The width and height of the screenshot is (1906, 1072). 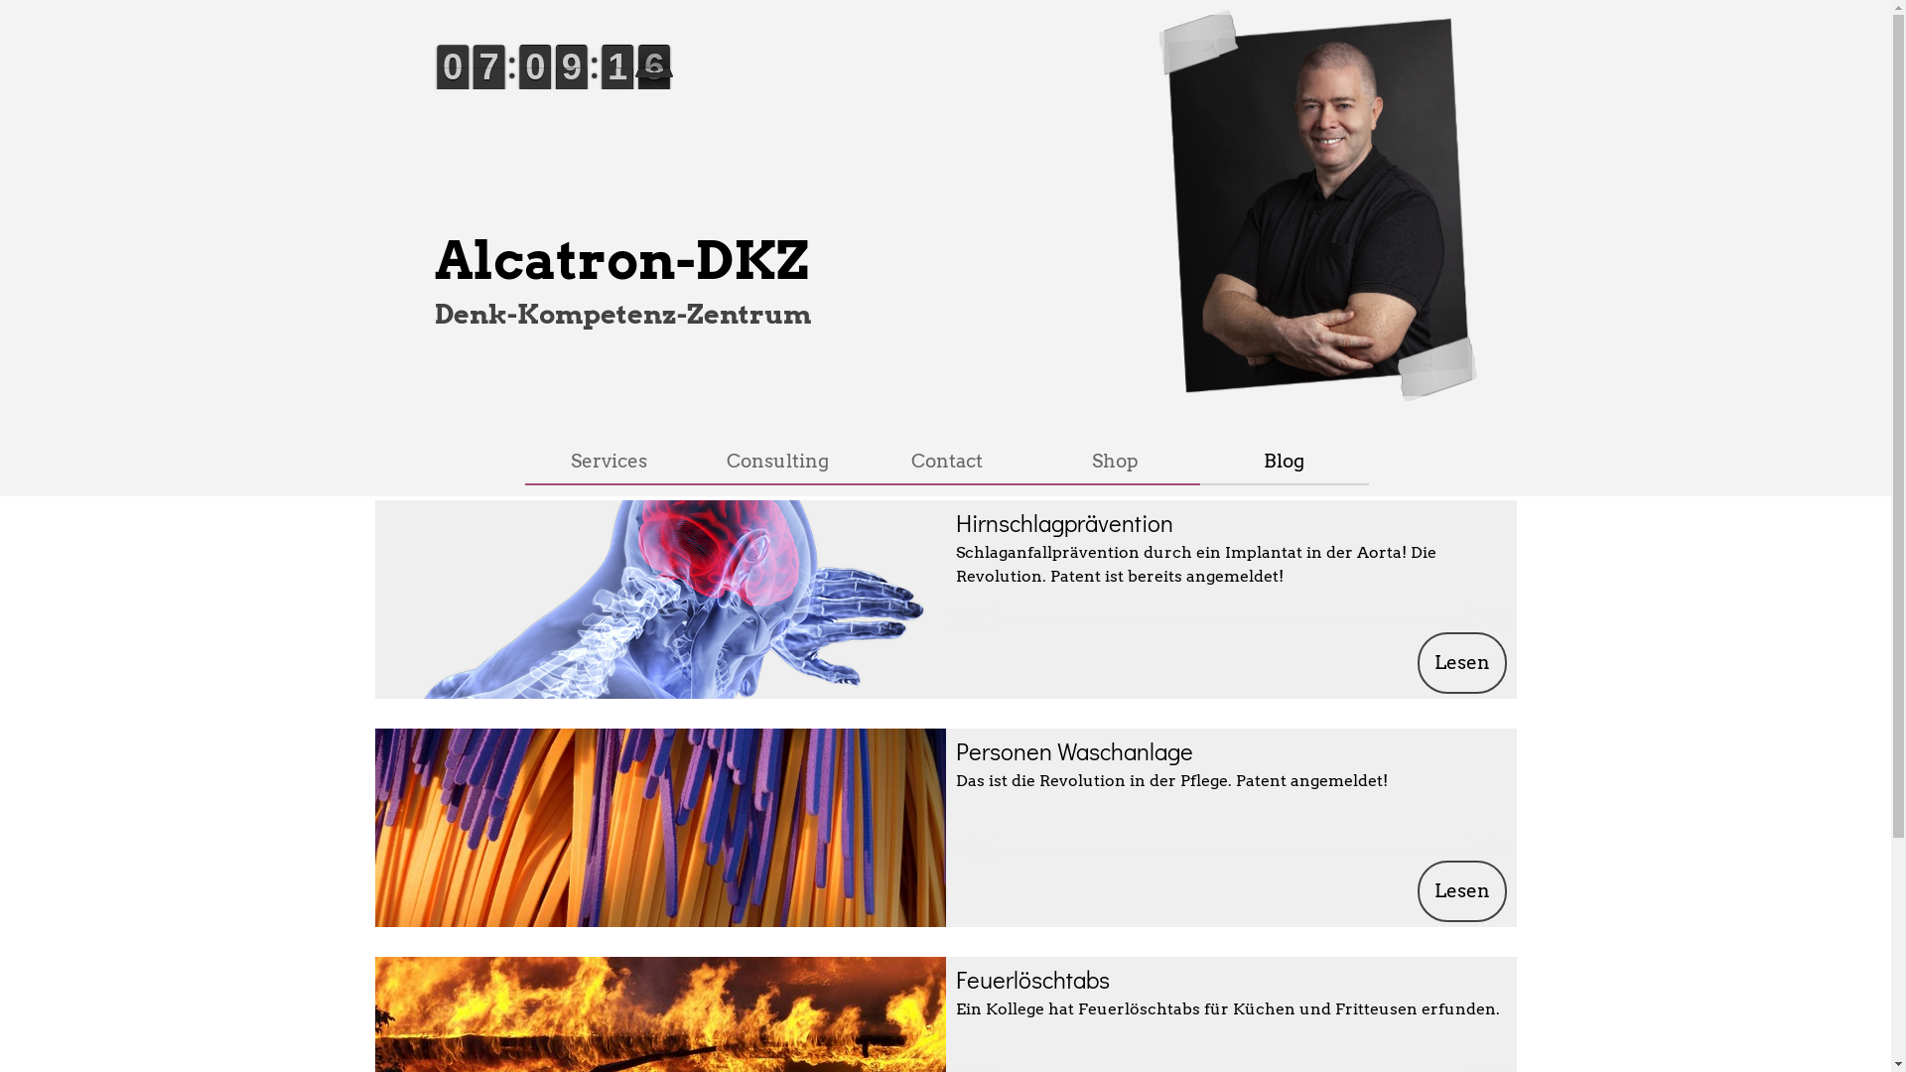 What do you see at coordinates (1462, 890) in the screenshot?
I see `'Lesen'` at bounding box center [1462, 890].